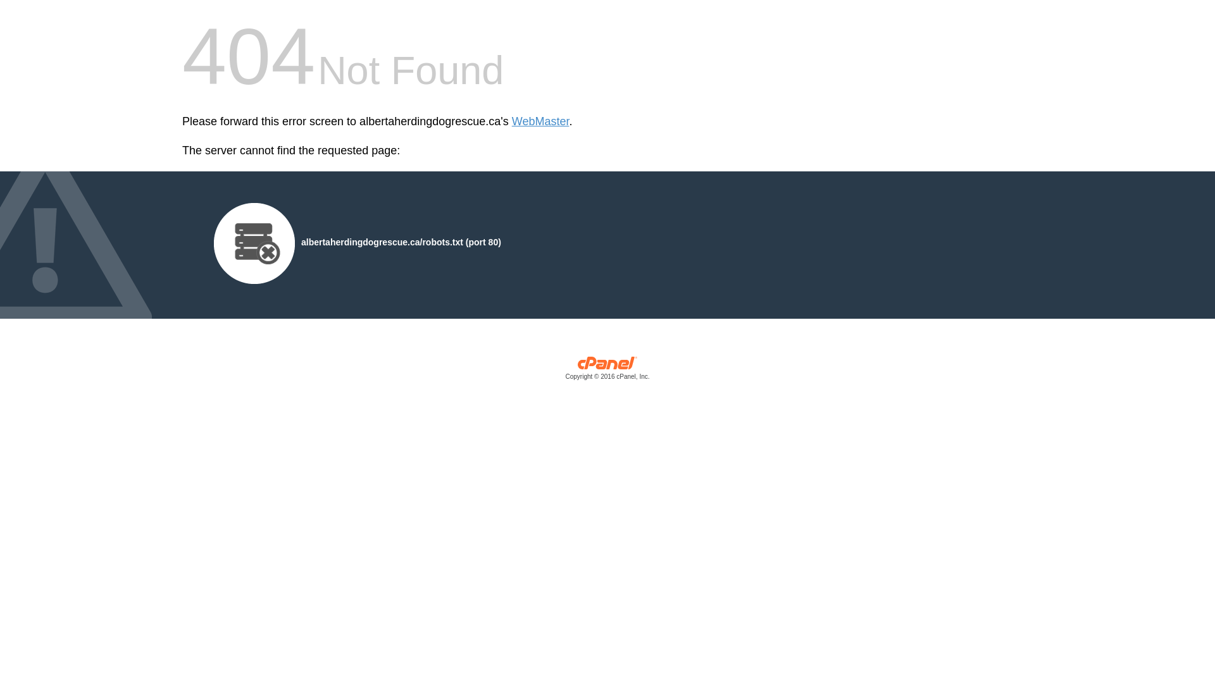  I want to click on 'WebMaster', so click(540, 121).